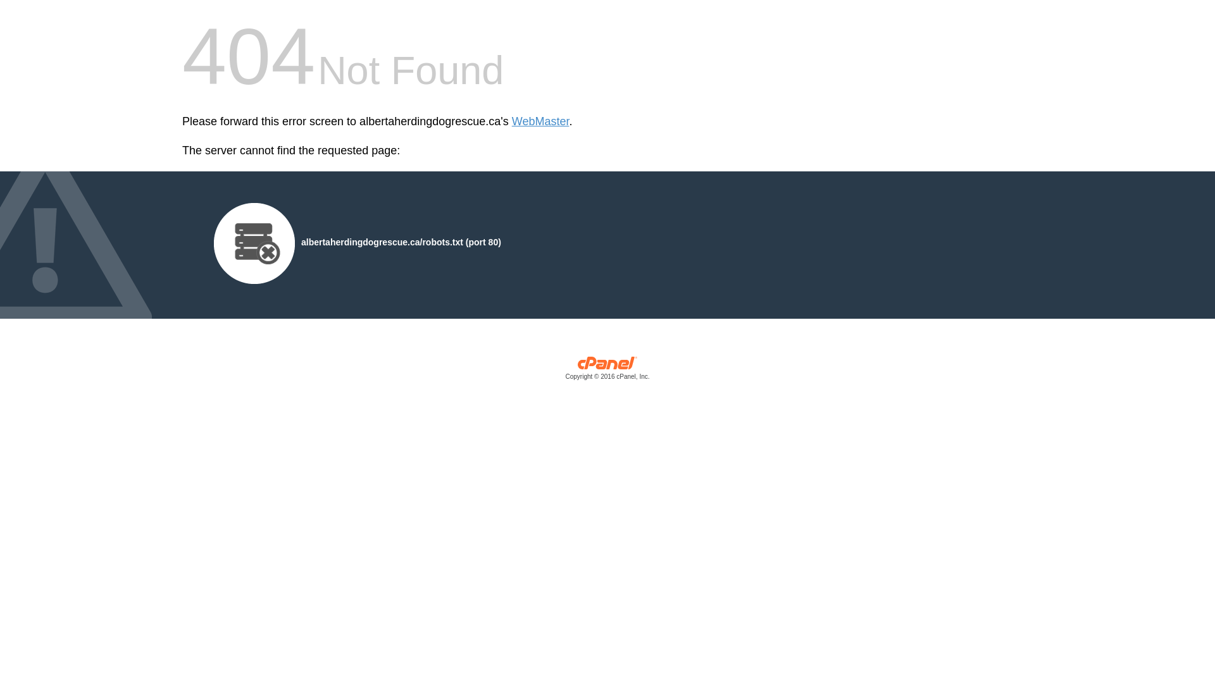  I want to click on 'WebMaster', so click(540, 121).